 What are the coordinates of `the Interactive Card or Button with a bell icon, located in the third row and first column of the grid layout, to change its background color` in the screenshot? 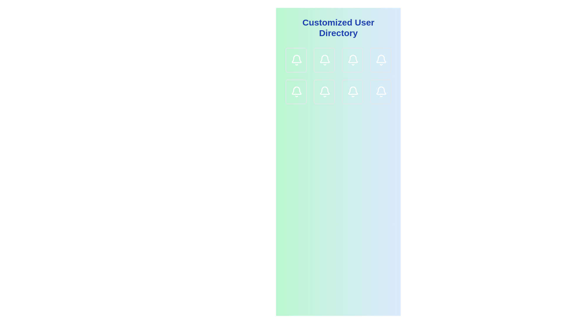 It's located at (296, 92).